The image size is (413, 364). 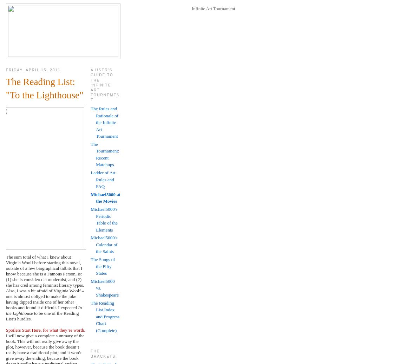 What do you see at coordinates (105, 85) in the screenshot?
I see `'A User's Guide to the Infinite Art Tournement'` at bounding box center [105, 85].